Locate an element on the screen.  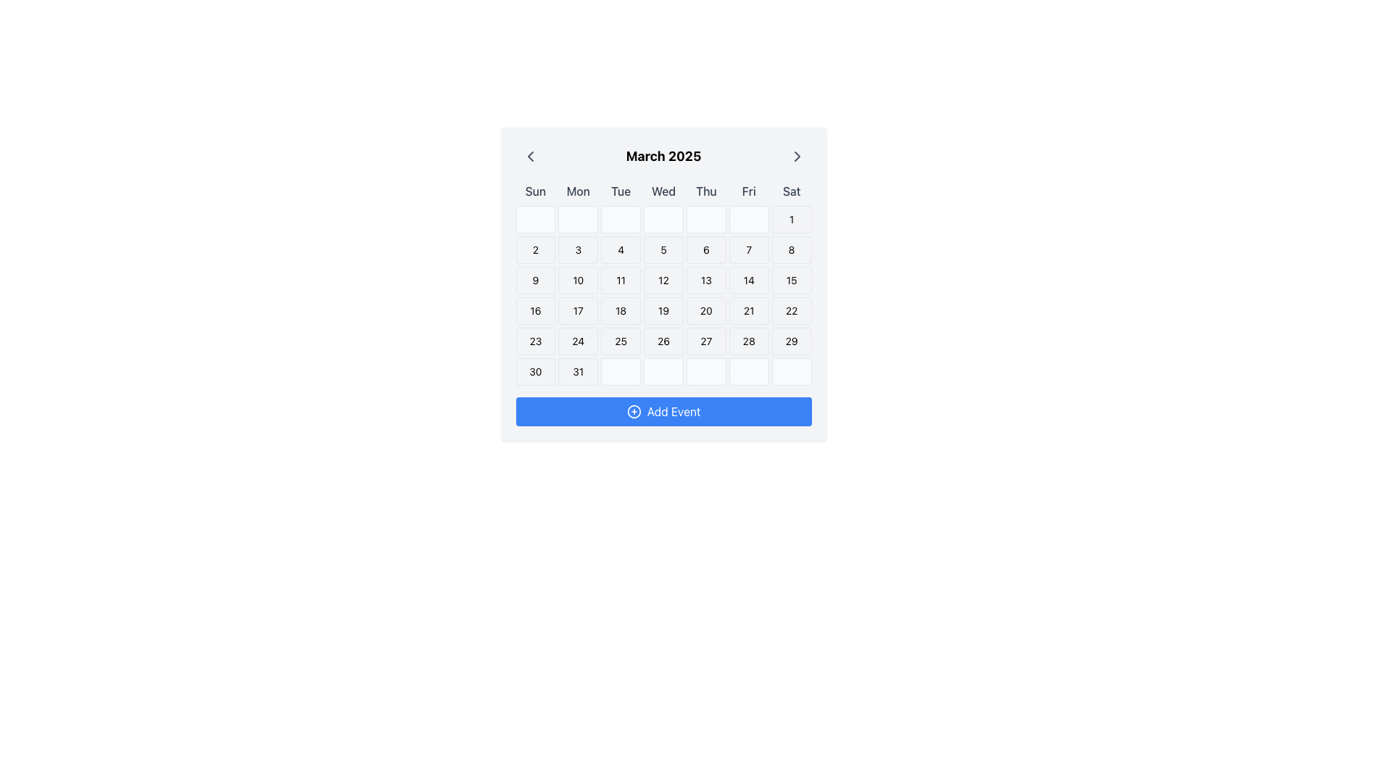
the button representing the calendar date of March 5th, 2025 is located at coordinates (663, 249).